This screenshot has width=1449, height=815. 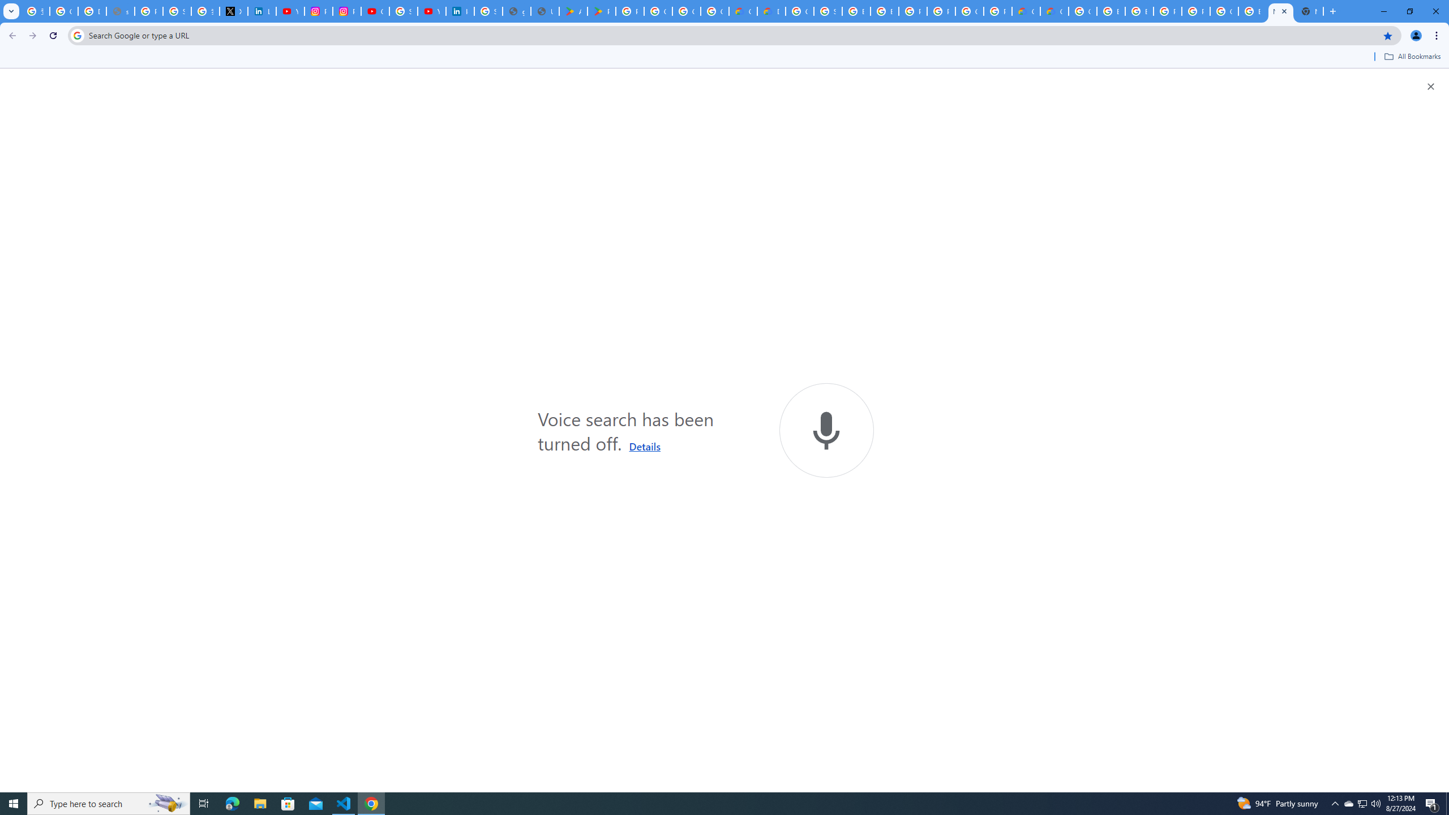 What do you see at coordinates (261, 11) in the screenshot?
I see `'LinkedIn Privacy Policy'` at bounding box center [261, 11].